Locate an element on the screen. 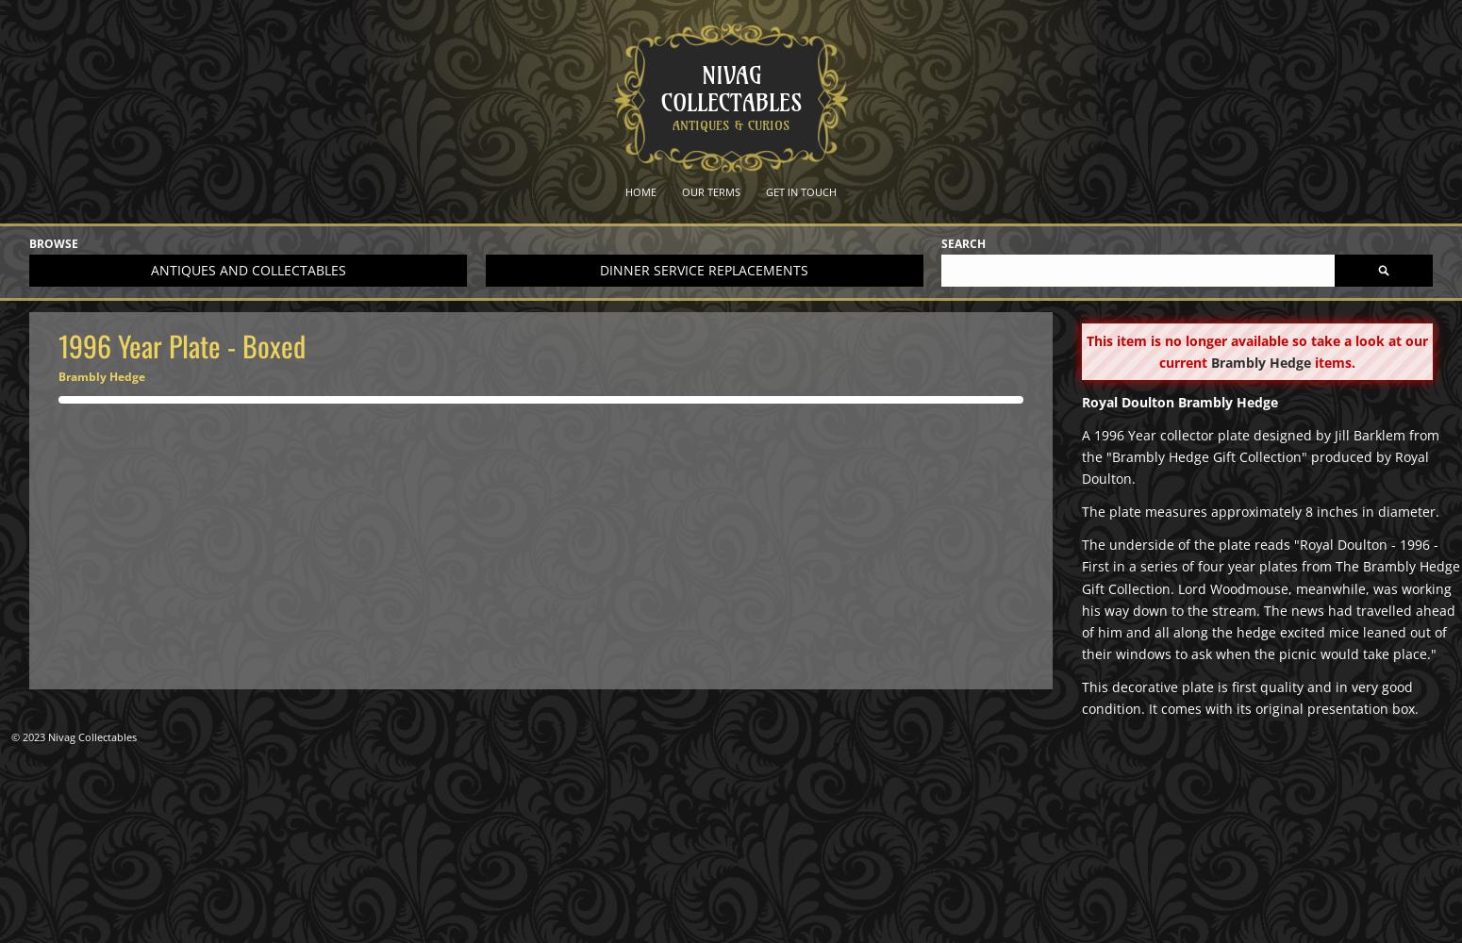 Image resolution: width=1462 pixels, height=943 pixels. 'Our Terms' is located at coordinates (711, 190).